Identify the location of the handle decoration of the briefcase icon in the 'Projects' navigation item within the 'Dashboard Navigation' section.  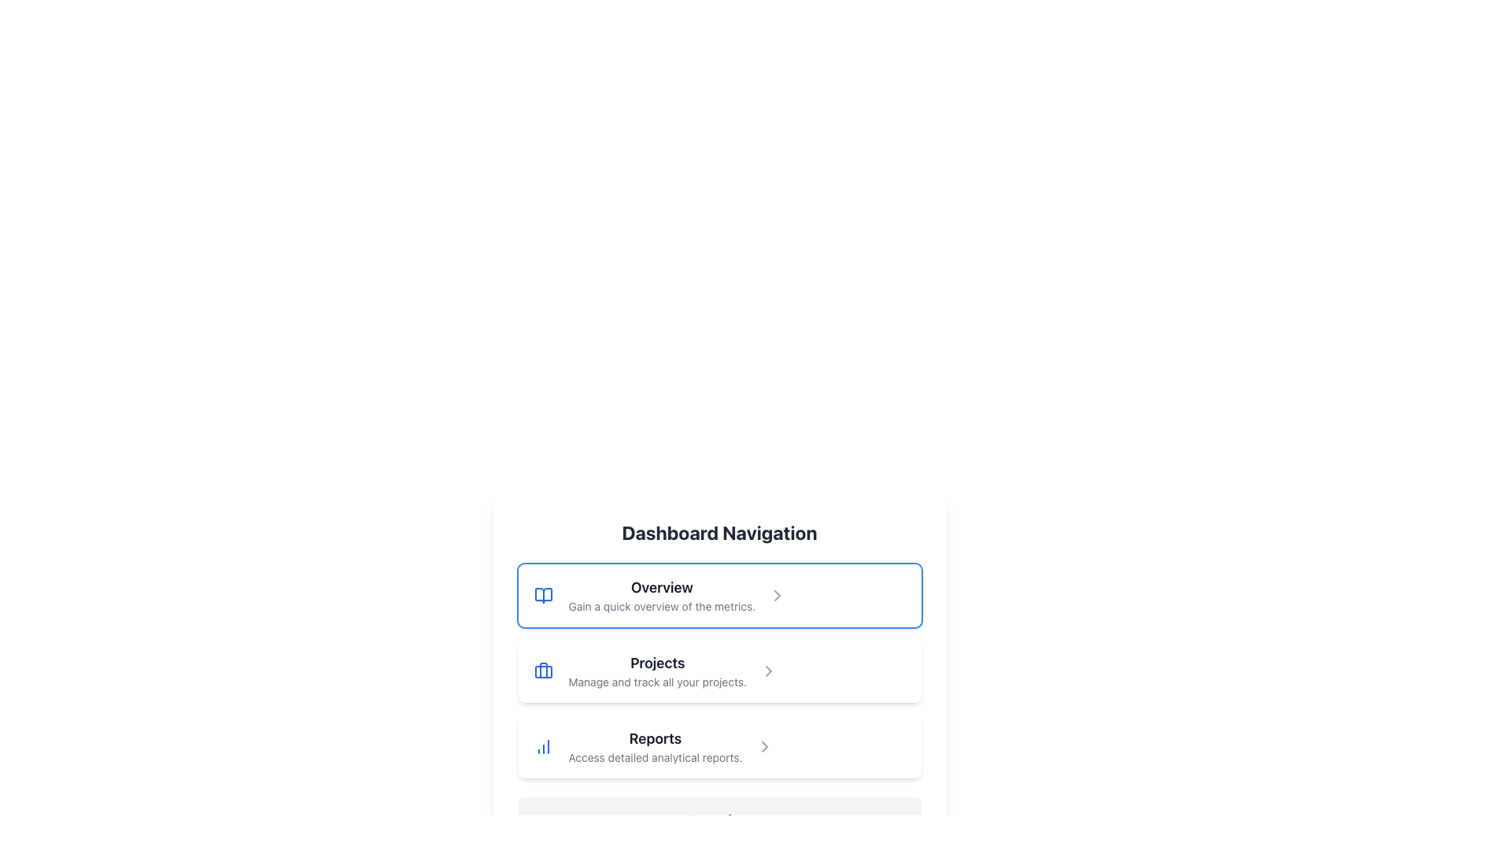
(543, 671).